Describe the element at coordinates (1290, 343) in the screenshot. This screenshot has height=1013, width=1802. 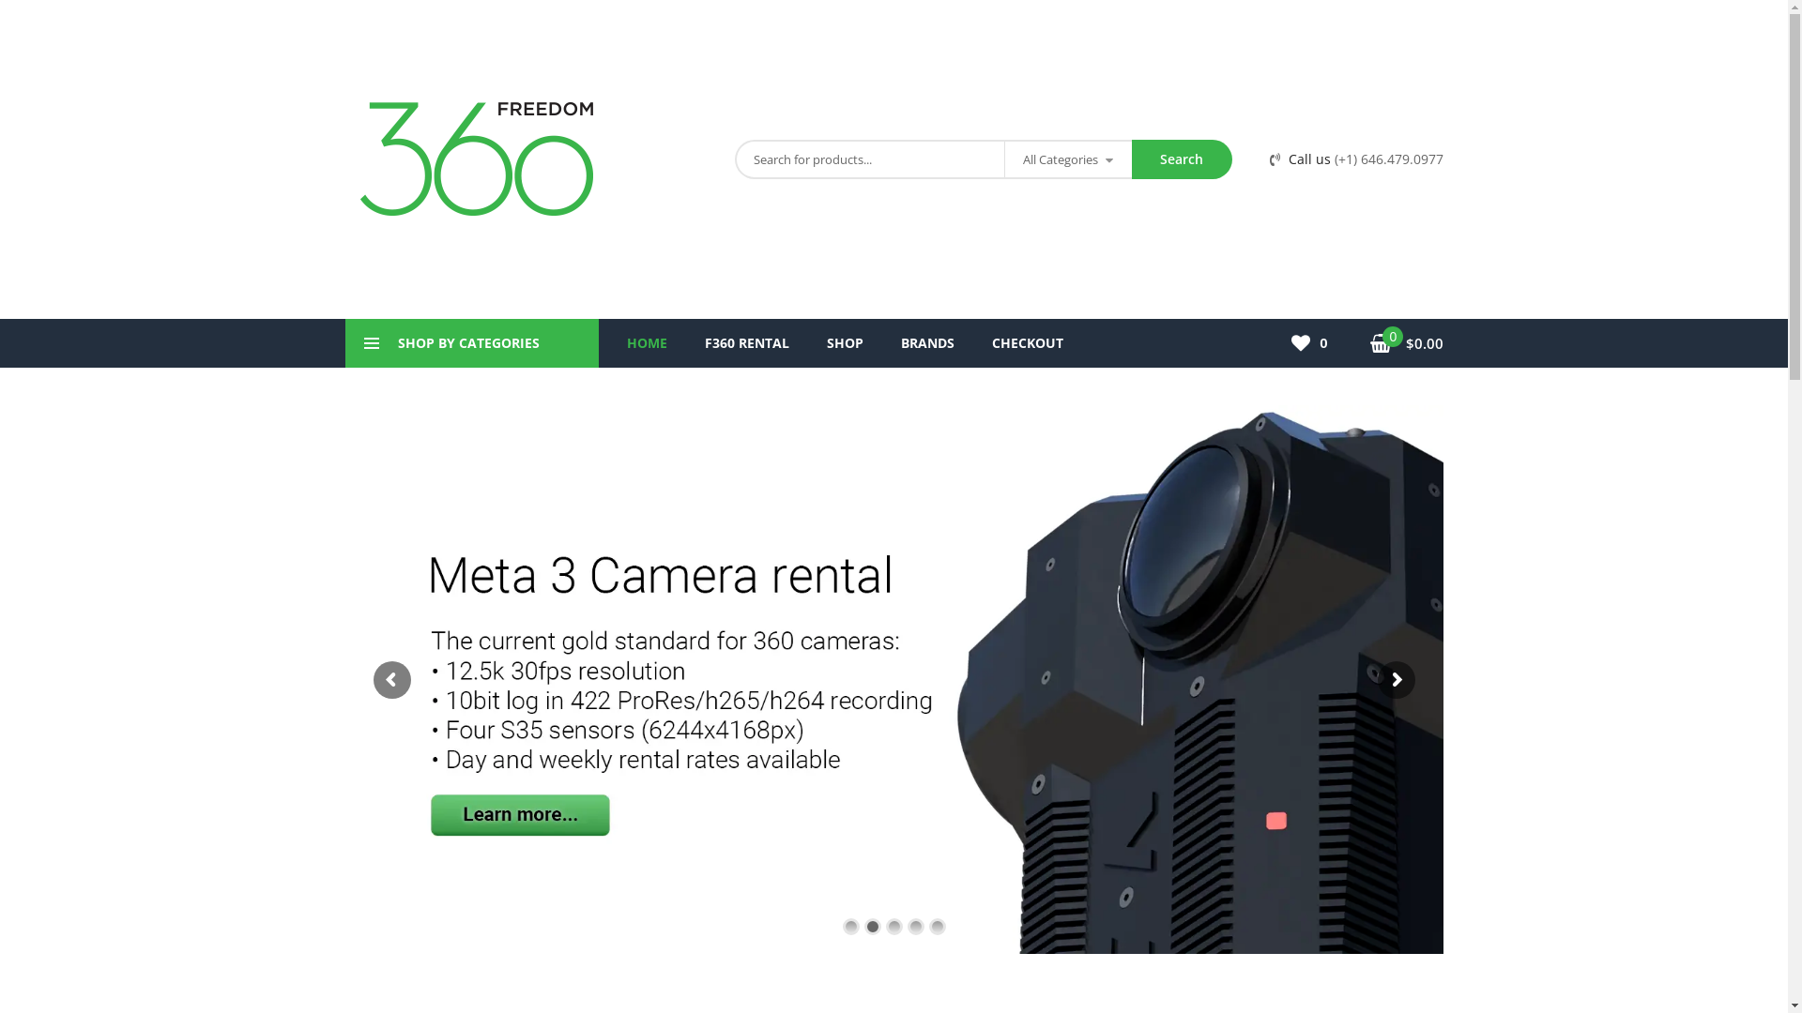
I see `'0'` at that location.